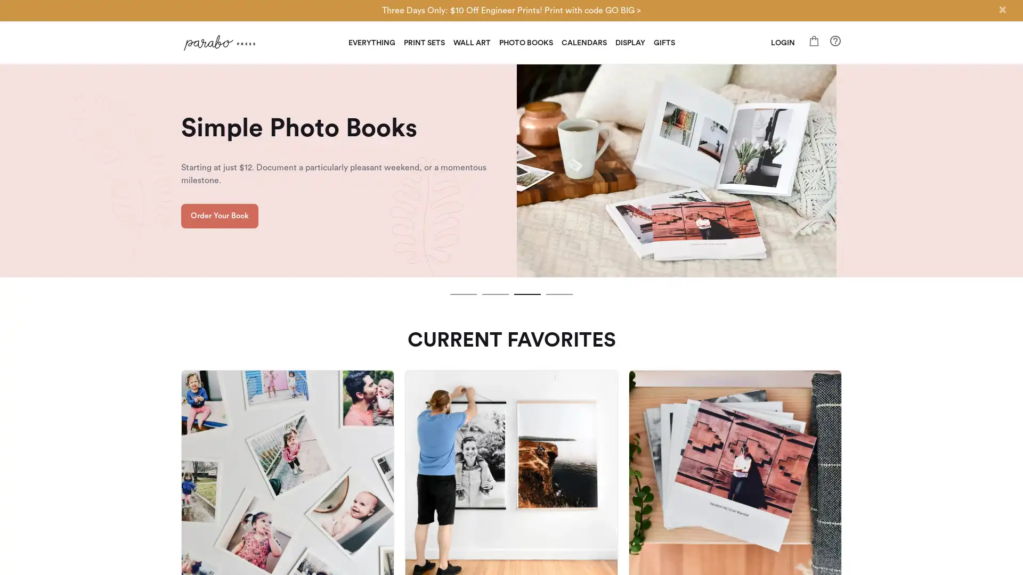  I want to click on Close, so click(1002, 10).